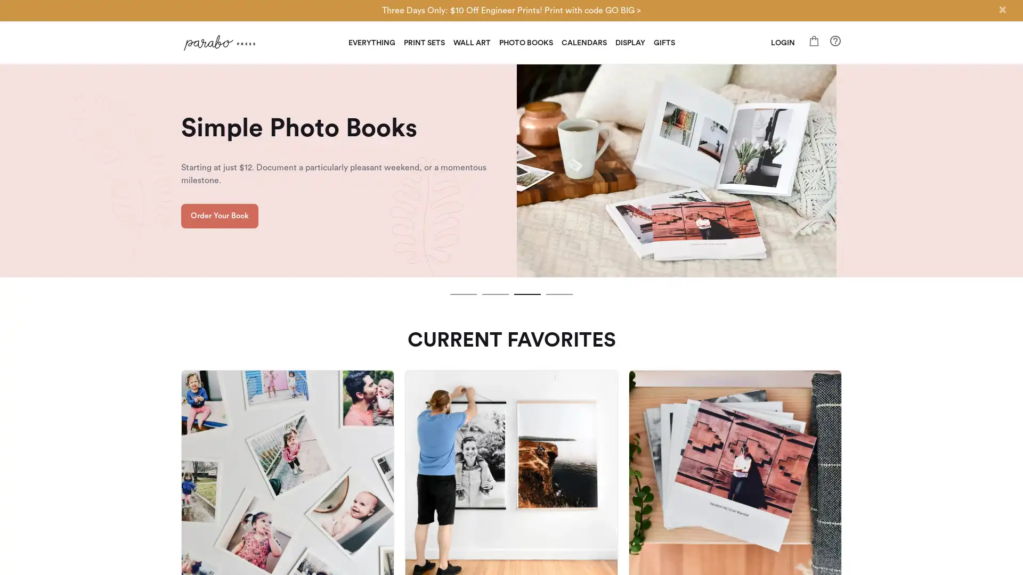  I want to click on Close, so click(1002, 10).